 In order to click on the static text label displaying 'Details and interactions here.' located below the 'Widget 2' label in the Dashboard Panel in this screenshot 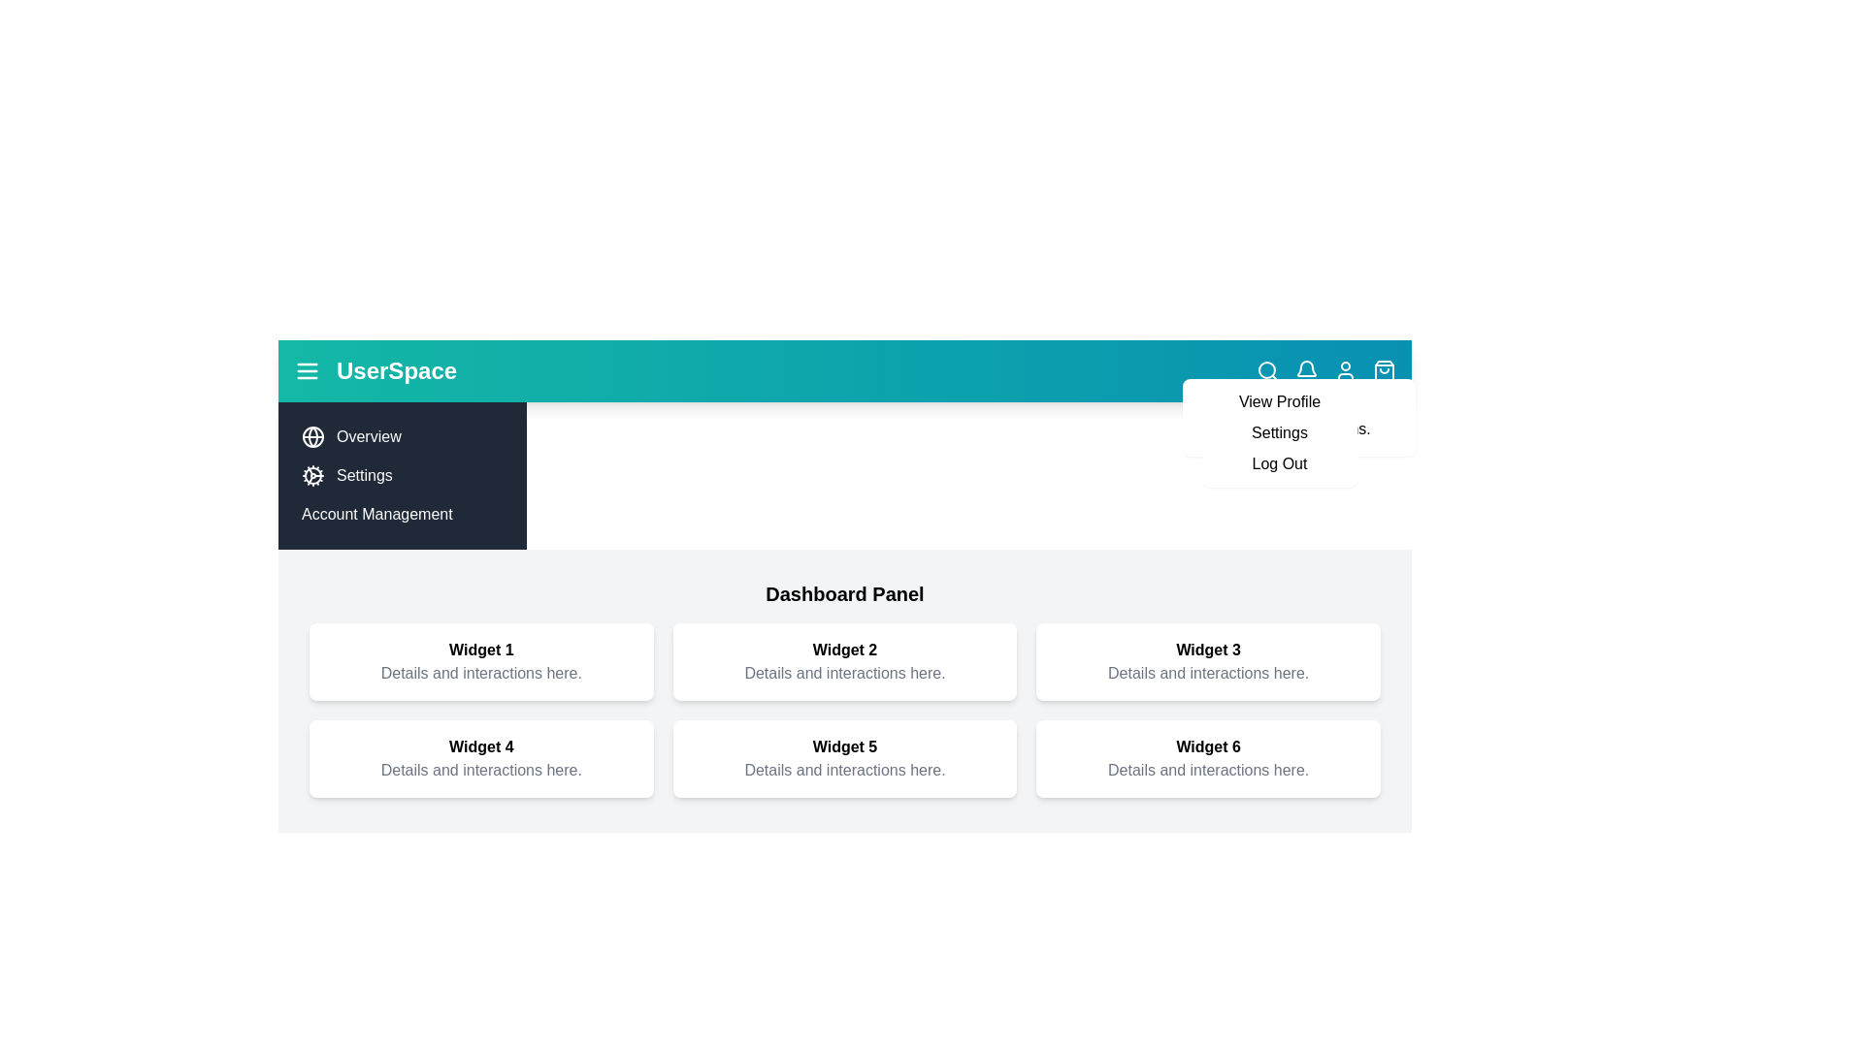, I will do `click(844, 672)`.